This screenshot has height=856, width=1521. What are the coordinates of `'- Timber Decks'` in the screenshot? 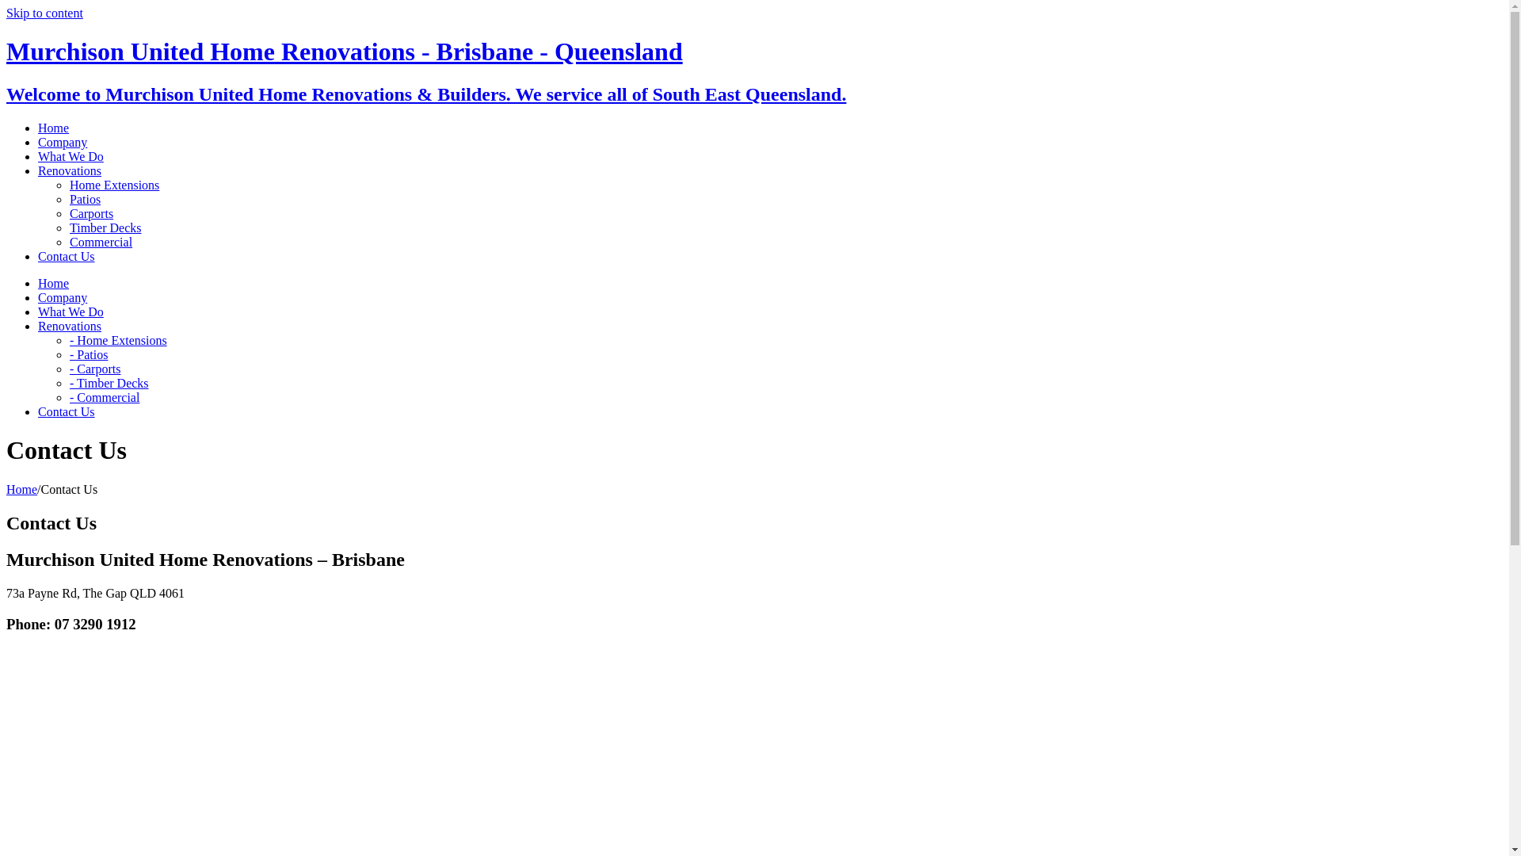 It's located at (109, 383).